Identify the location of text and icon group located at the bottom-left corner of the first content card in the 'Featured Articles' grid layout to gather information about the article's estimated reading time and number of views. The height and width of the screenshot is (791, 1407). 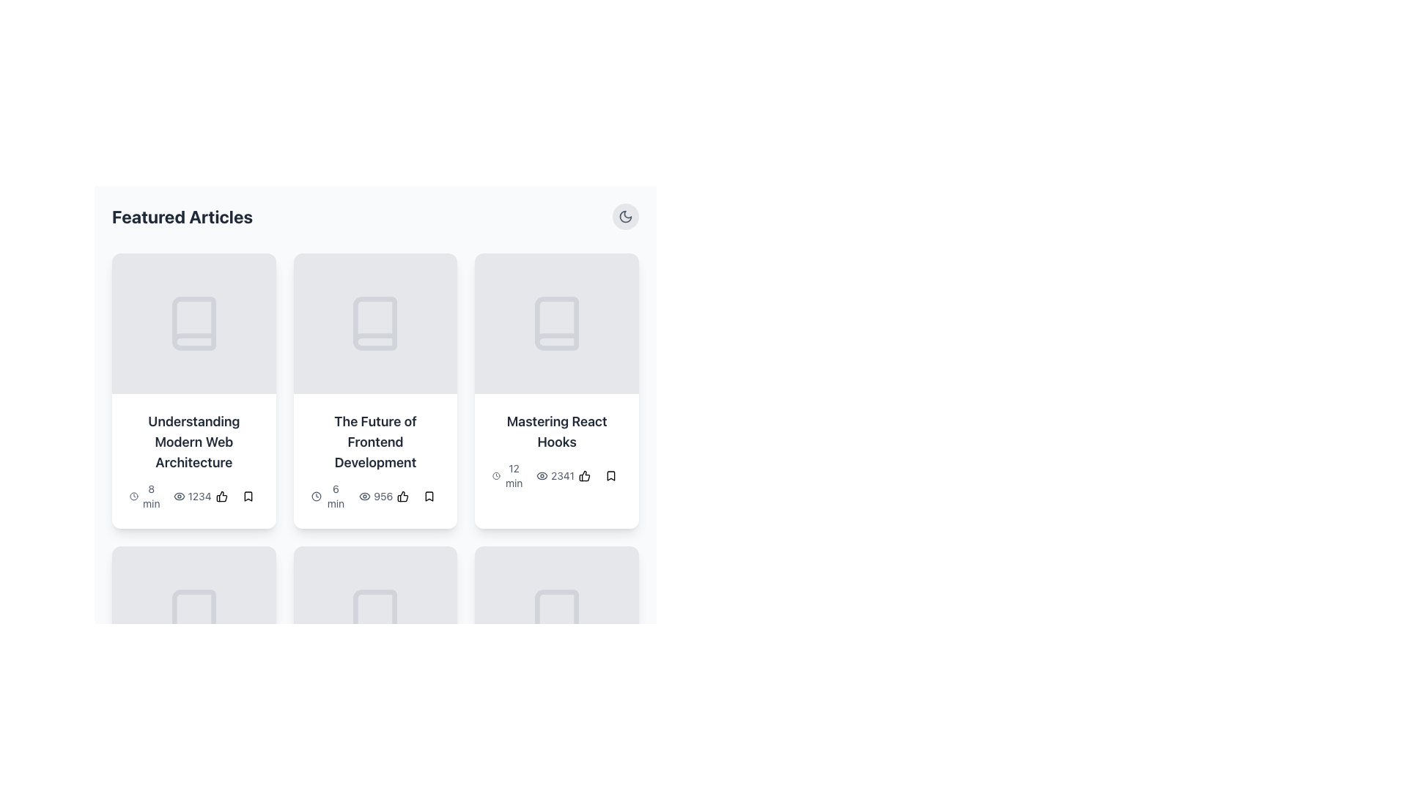
(170, 496).